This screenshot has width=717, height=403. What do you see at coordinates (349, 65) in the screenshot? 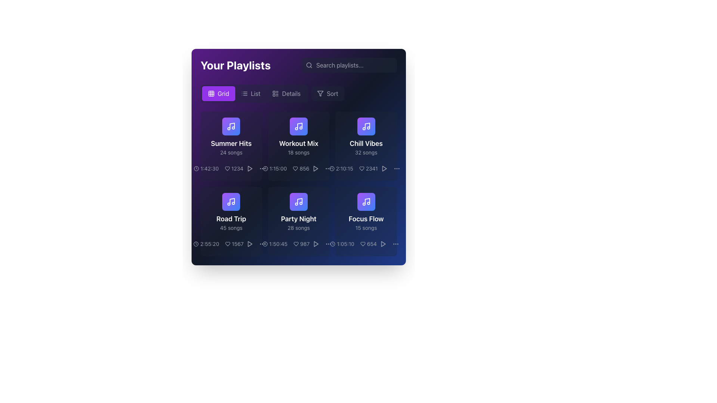
I see `the search input field with placeholder text 'Search playlists...' to focus on it` at bounding box center [349, 65].